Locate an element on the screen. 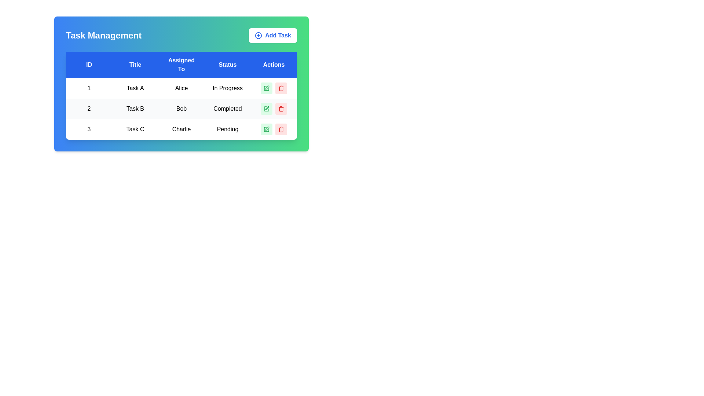 The width and height of the screenshot is (704, 396). content 'Task C' from the Table Cell located in the second cell of the third row under the 'Title' column is located at coordinates (135, 129).